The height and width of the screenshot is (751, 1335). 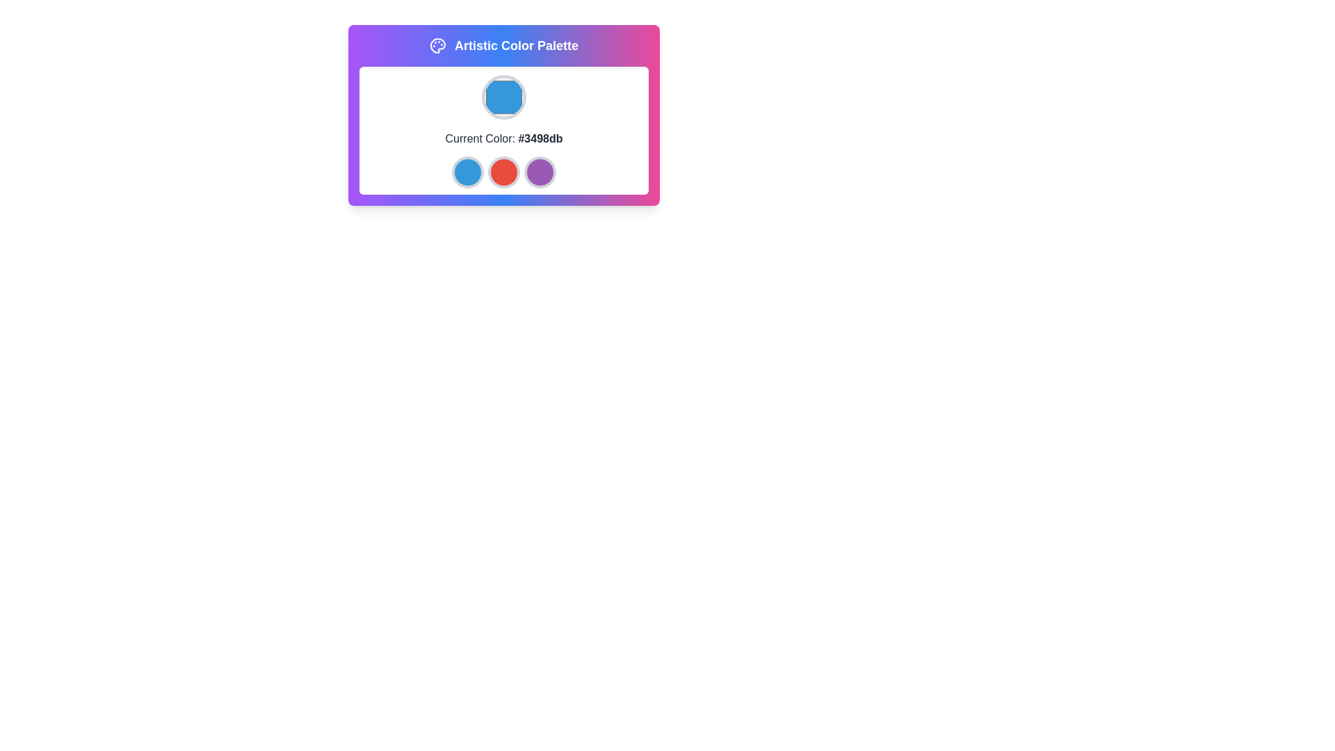 I want to click on the static text label displaying 'Current Color: #3498db', which is centrally placed below a larger blue color circle and above a row of three colored circular buttons, so click(x=503, y=139).